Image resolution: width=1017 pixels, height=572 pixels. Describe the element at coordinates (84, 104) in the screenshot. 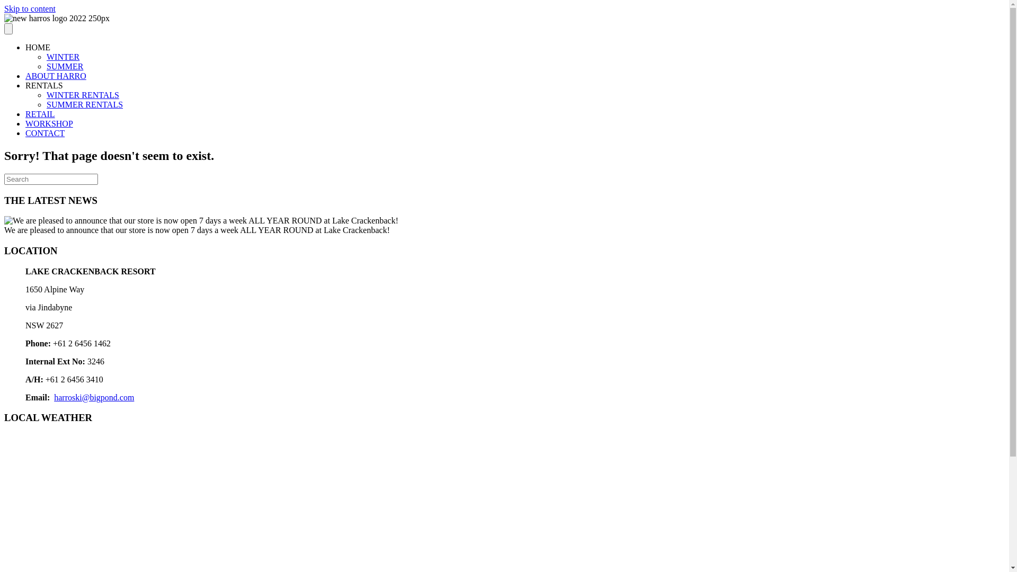

I see `'SUMMER RENTALS'` at that location.